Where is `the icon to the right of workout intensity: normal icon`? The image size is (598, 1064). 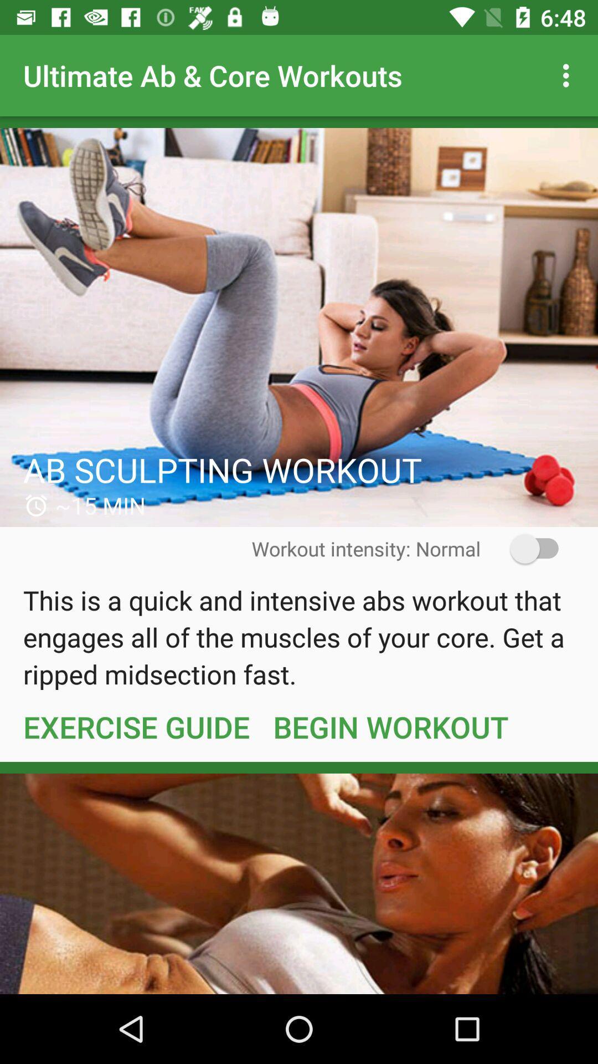
the icon to the right of workout intensity: normal icon is located at coordinates (527, 549).